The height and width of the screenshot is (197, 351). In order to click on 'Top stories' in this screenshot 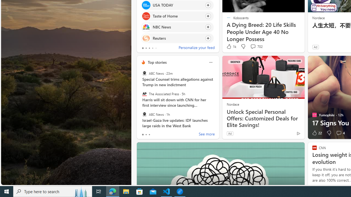, I will do `click(157, 62)`.